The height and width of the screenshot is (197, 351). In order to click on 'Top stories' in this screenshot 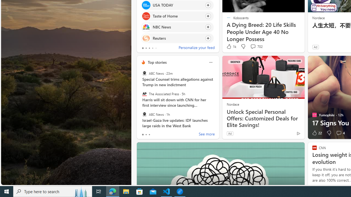, I will do `click(157, 62)`.